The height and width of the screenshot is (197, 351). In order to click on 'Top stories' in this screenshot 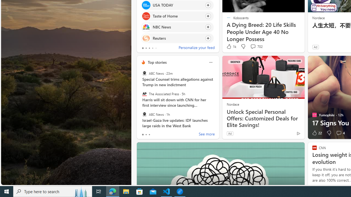, I will do `click(157, 62)`.